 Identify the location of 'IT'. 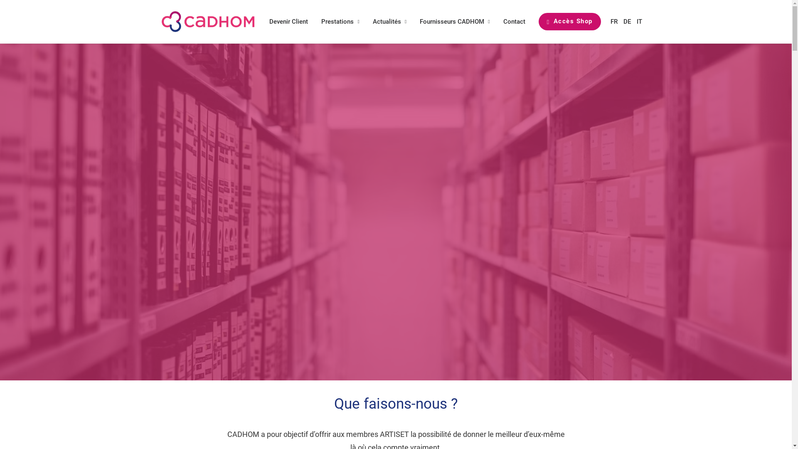
(638, 21).